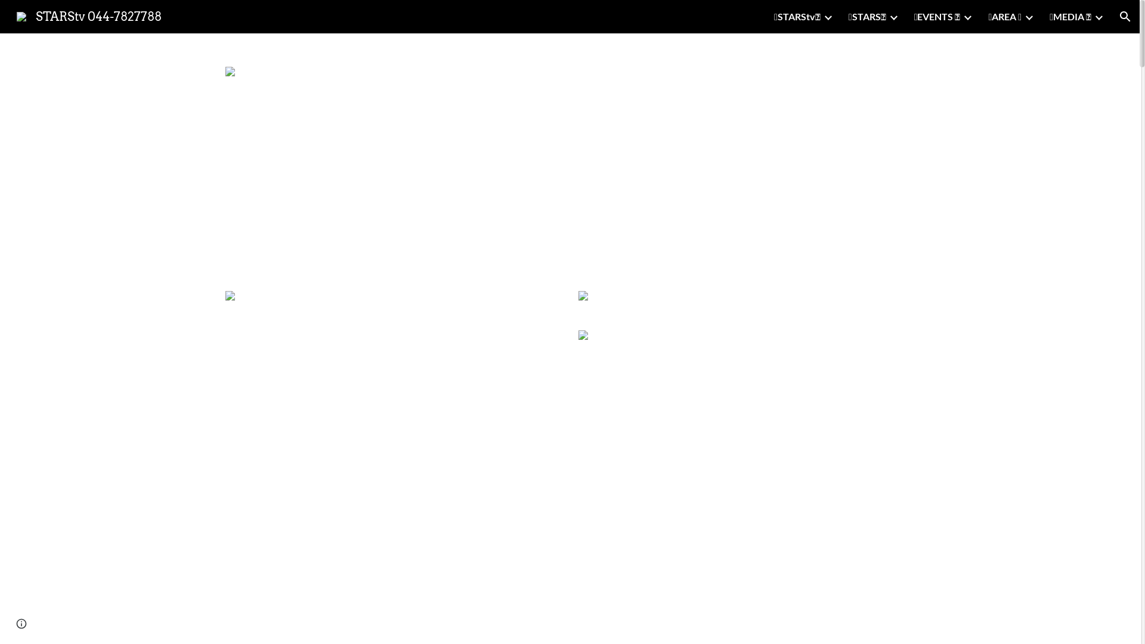 The height and width of the screenshot is (644, 1145). I want to click on 'Expand/Collapse', so click(1023, 16).